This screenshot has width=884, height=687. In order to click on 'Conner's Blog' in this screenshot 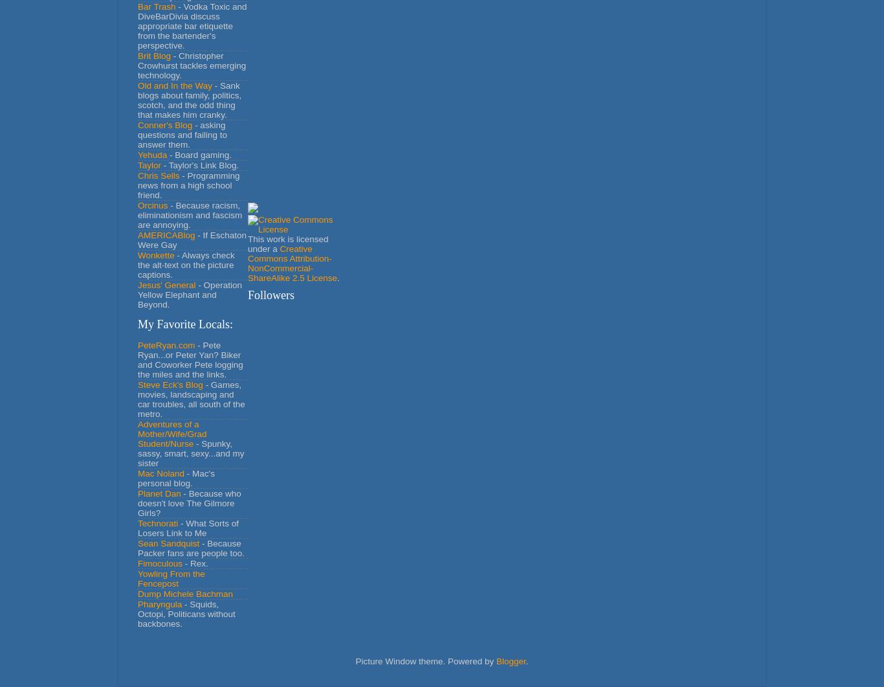, I will do `click(165, 124)`.